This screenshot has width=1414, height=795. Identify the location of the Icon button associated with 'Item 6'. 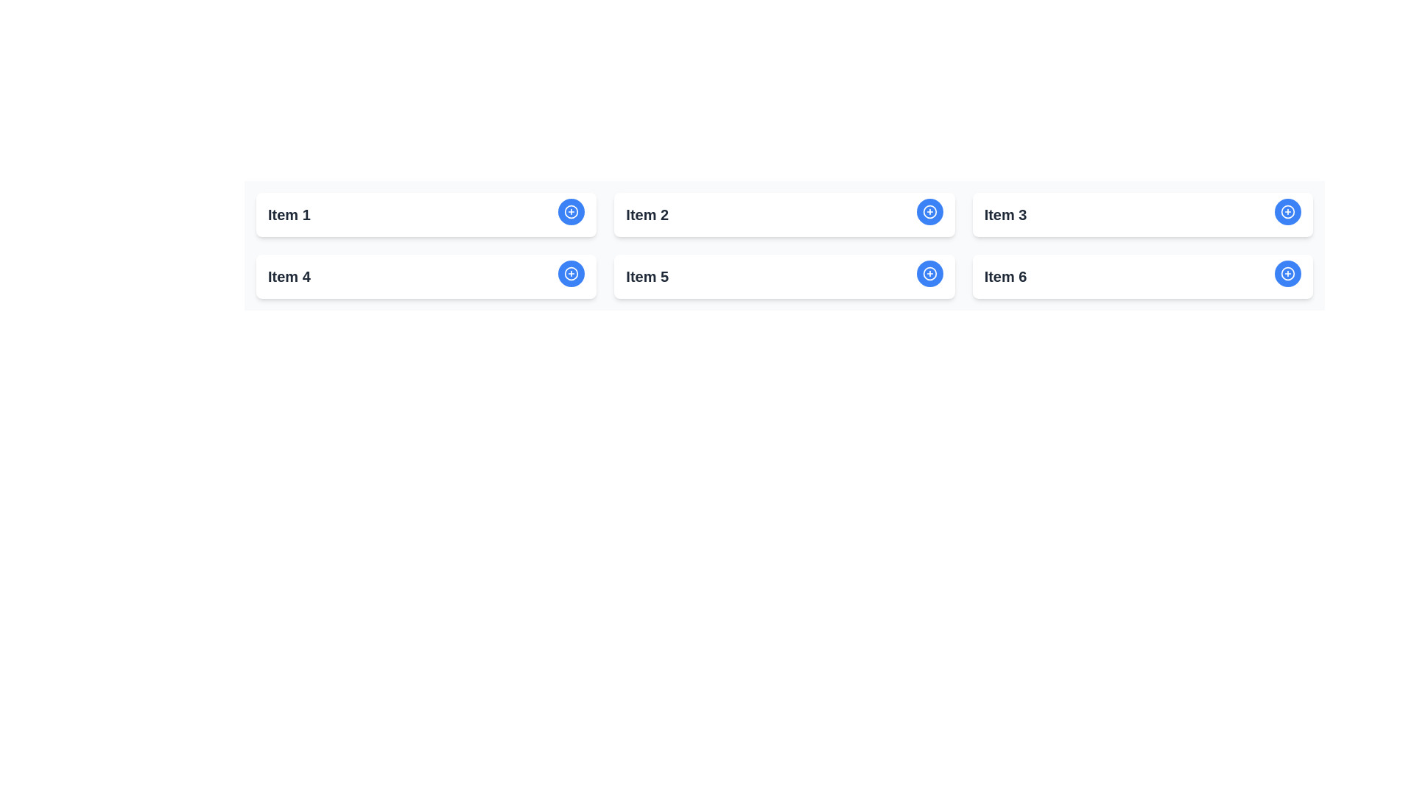
(1287, 273).